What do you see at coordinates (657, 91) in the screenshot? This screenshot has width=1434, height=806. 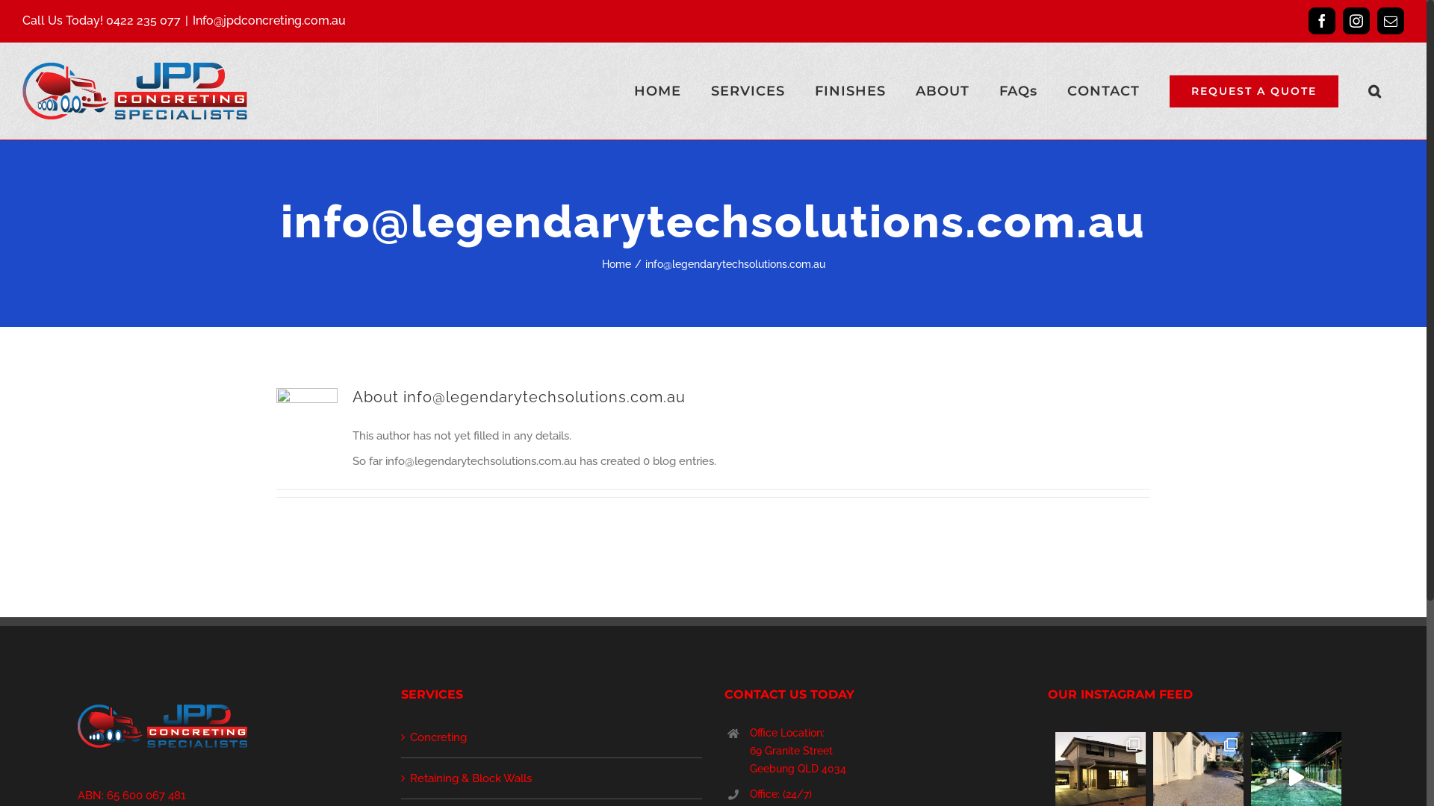 I see `'HOME'` at bounding box center [657, 91].